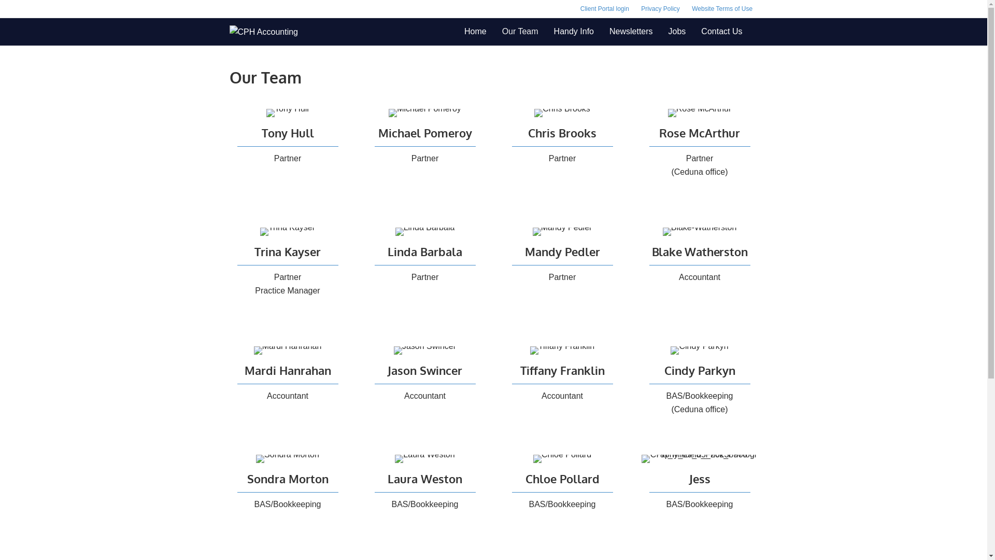  I want to click on 'Cindy-Parkyn', so click(699, 350).